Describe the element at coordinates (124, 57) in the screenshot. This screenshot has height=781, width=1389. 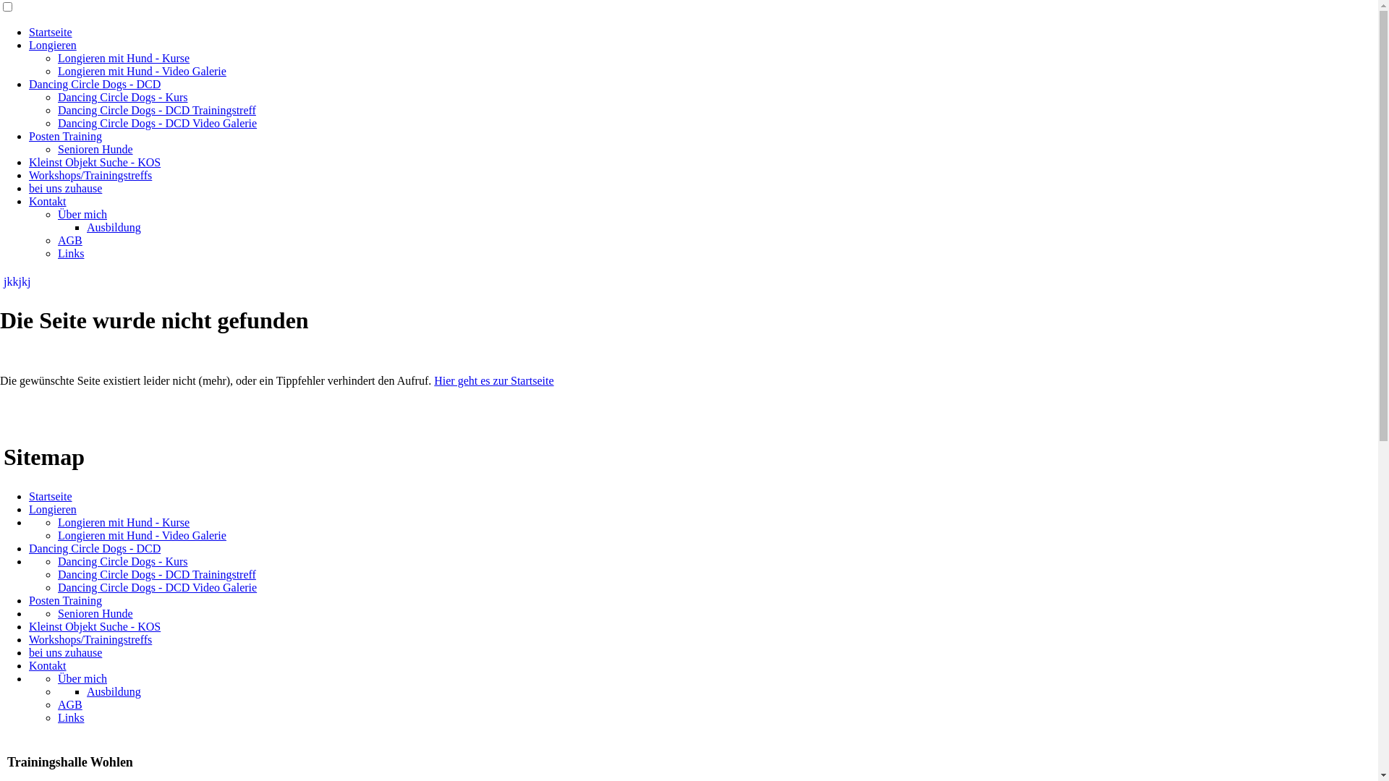
I see `'Longieren mit Hund - Kurse'` at that location.